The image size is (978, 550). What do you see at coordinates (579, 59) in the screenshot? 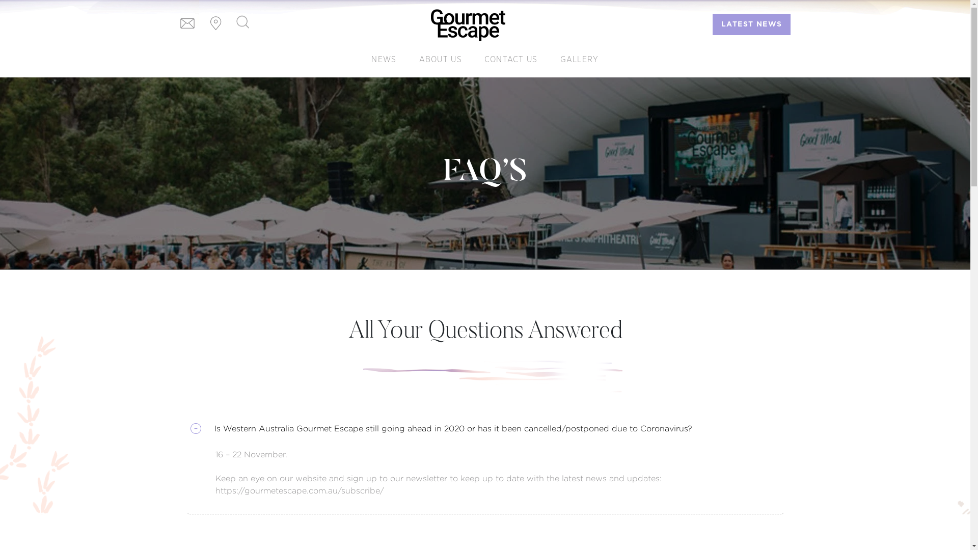
I see `'GALLERY'` at bounding box center [579, 59].